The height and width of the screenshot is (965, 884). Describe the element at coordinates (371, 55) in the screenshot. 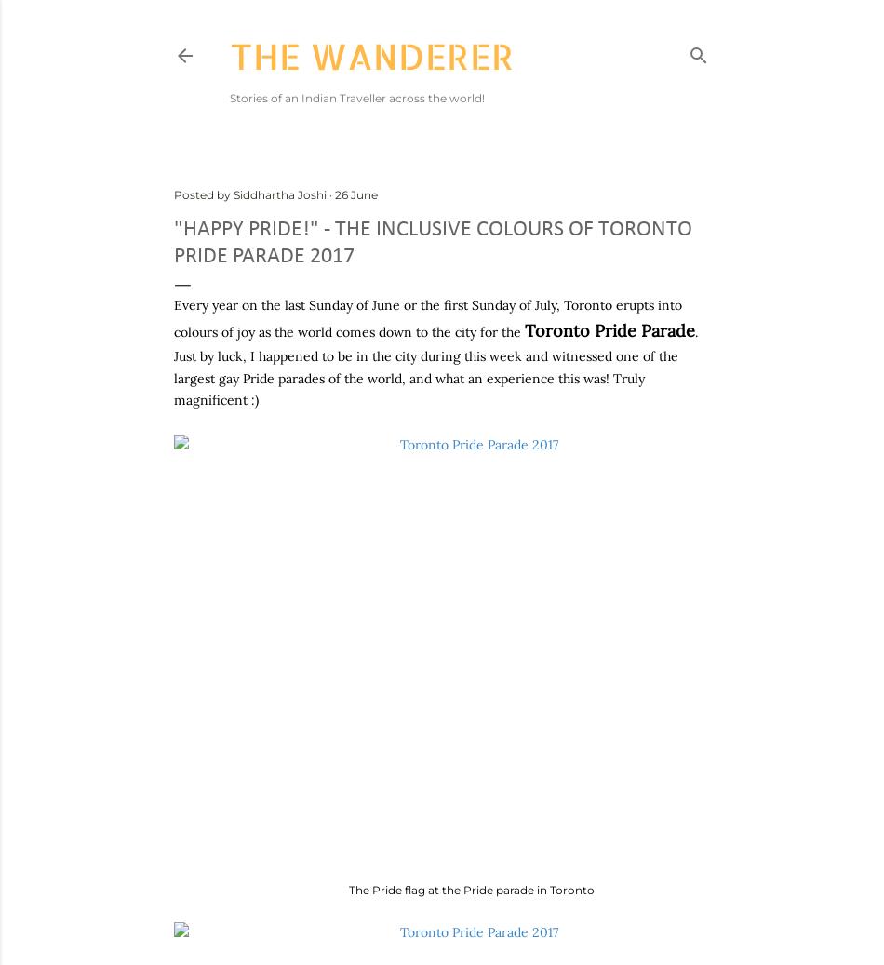

I see `'The Wanderer'` at that location.